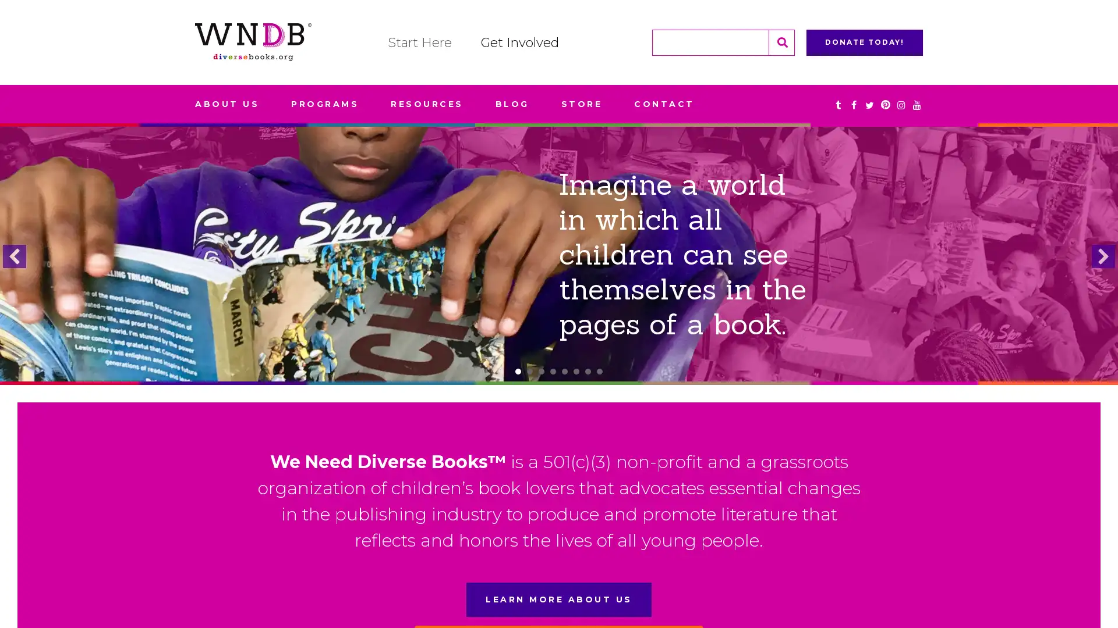 This screenshot has height=628, width=1118. I want to click on LEARN MORE ABOUT US, so click(558, 600).